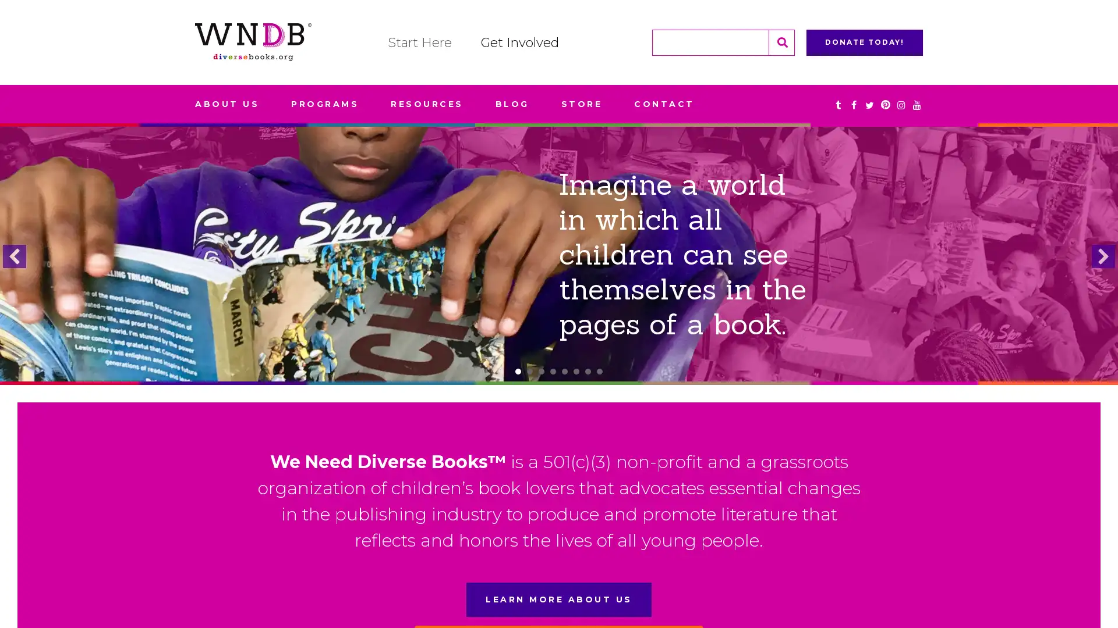 This screenshot has height=628, width=1118. I want to click on LEARN MORE ABOUT US, so click(558, 600).